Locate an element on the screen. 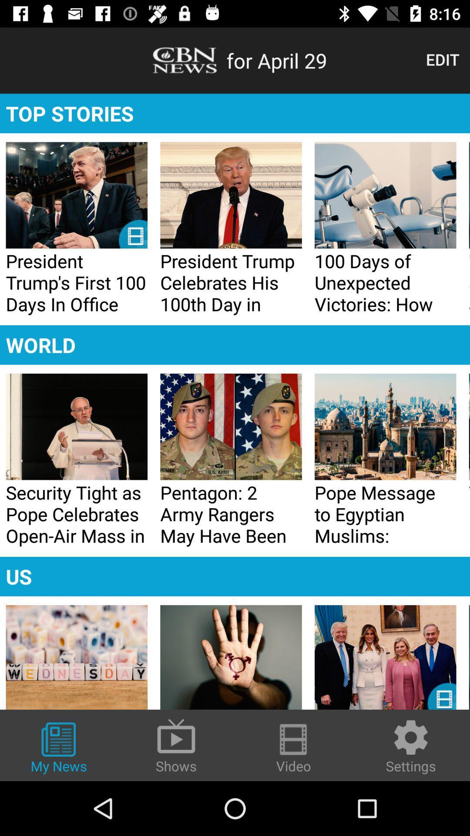 The height and width of the screenshot is (836, 470). settings is located at coordinates (411, 745).